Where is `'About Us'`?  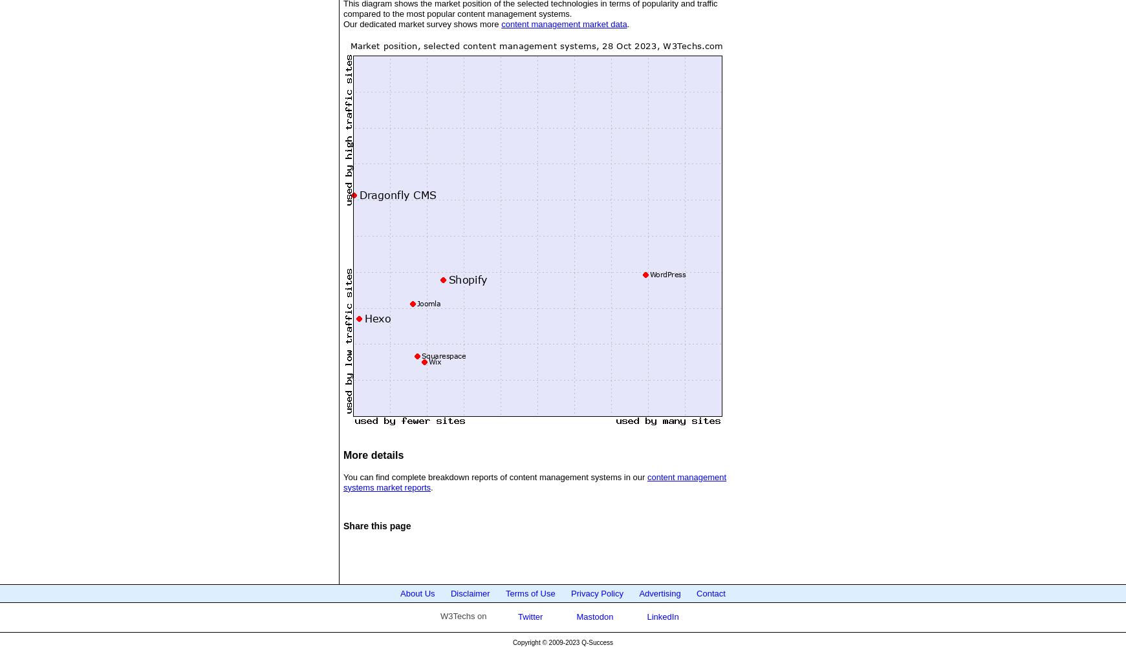
'About Us' is located at coordinates (417, 593).